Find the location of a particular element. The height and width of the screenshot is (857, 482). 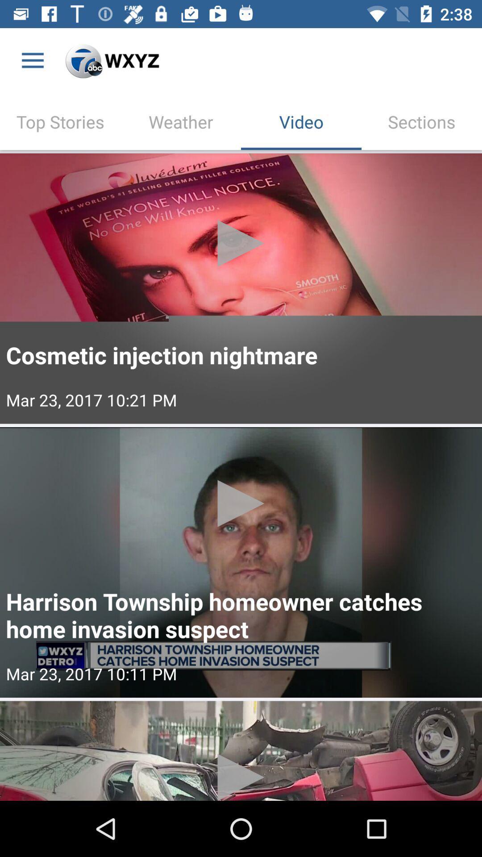

video is located at coordinates (241, 562).